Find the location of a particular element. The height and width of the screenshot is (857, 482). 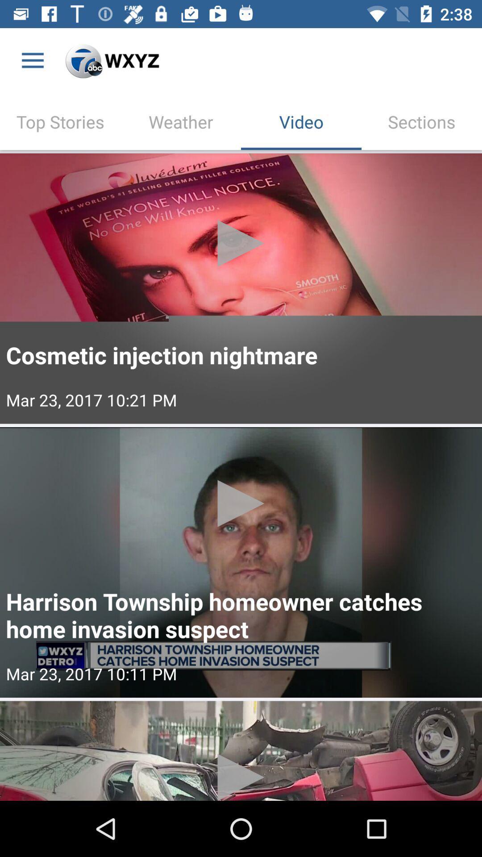

video is located at coordinates (241, 562).